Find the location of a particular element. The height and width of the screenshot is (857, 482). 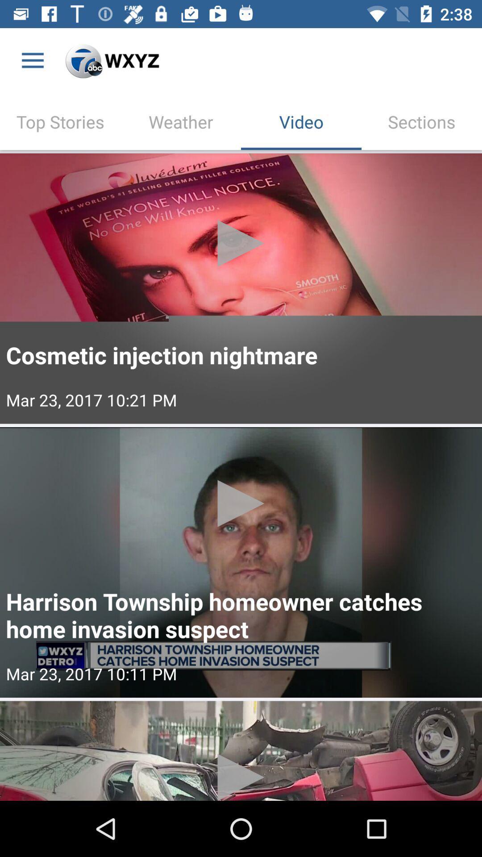

video is located at coordinates (241, 562).